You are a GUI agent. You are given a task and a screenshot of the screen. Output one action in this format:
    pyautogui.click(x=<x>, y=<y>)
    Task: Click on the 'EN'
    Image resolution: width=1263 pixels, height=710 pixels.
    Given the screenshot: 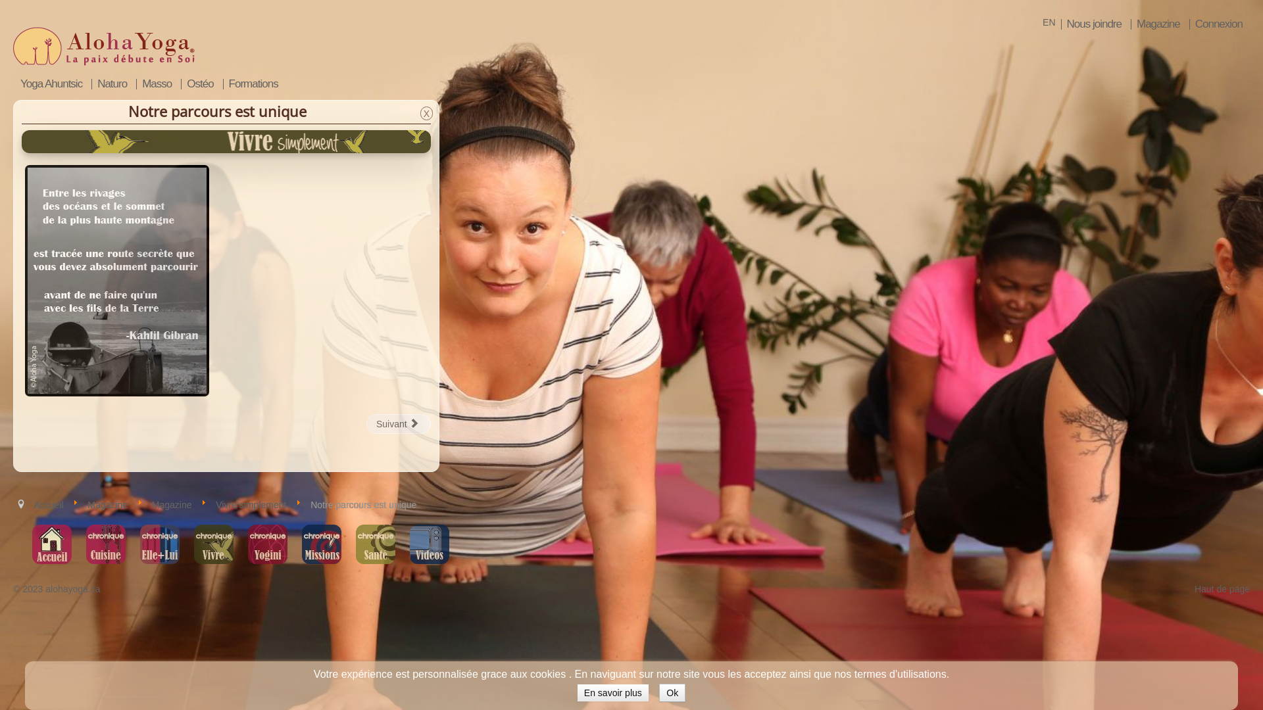 What is the action you would take?
    pyautogui.click(x=1048, y=22)
    